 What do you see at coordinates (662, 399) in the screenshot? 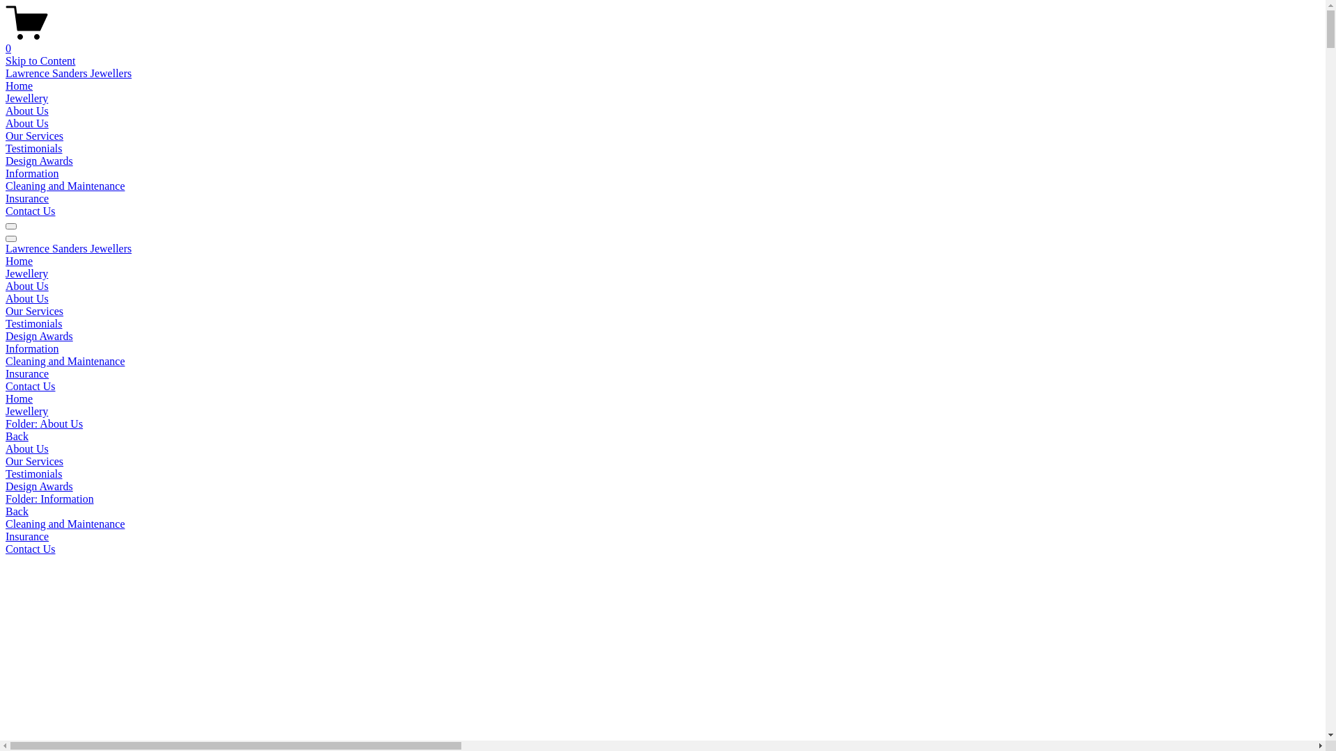
I see `'Home'` at bounding box center [662, 399].